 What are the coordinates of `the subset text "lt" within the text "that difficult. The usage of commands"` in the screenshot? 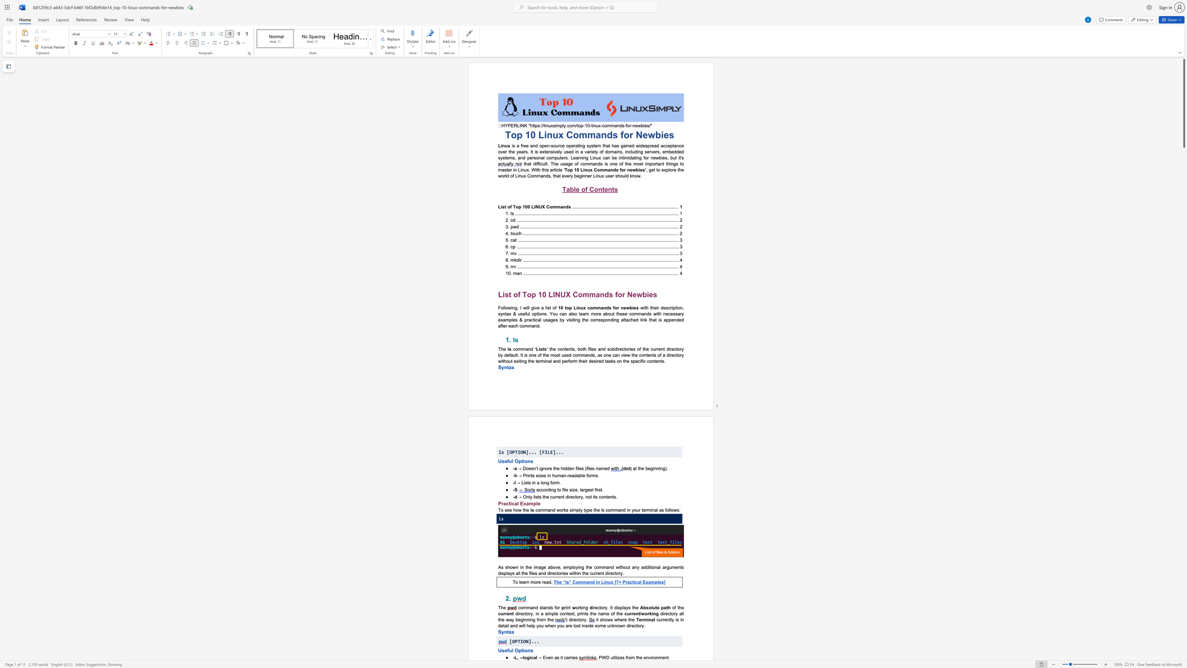 It's located at (545, 163).